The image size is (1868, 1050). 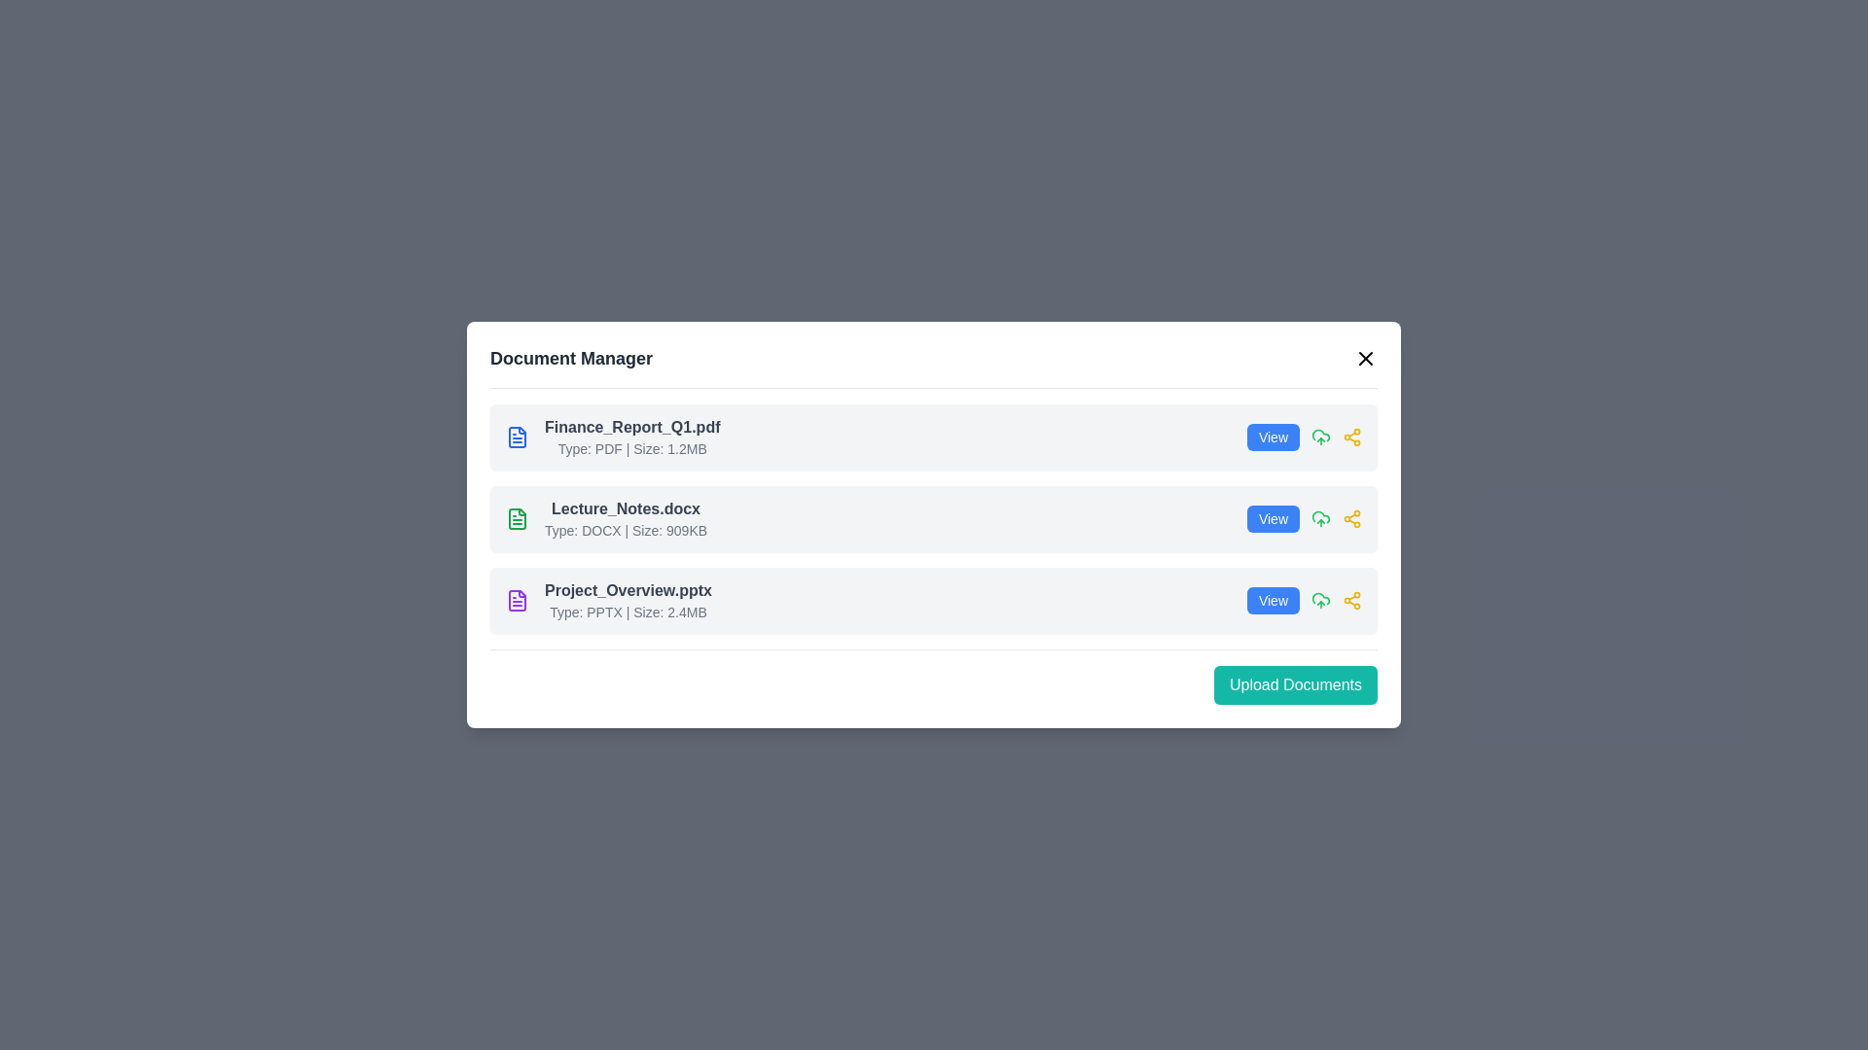 What do you see at coordinates (1273, 437) in the screenshot?
I see `the blue 'View' button with white text, which is the first button in a horizontal group located right of the 'Finance_Report_Q1.pdf' file name` at bounding box center [1273, 437].